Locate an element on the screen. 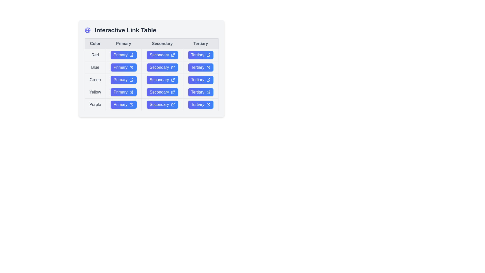 This screenshot has width=485, height=273. the Table Header for the 'Secondary' column, which is located in the header row between 'Primary' and 'Tertiary' is located at coordinates (151, 43).